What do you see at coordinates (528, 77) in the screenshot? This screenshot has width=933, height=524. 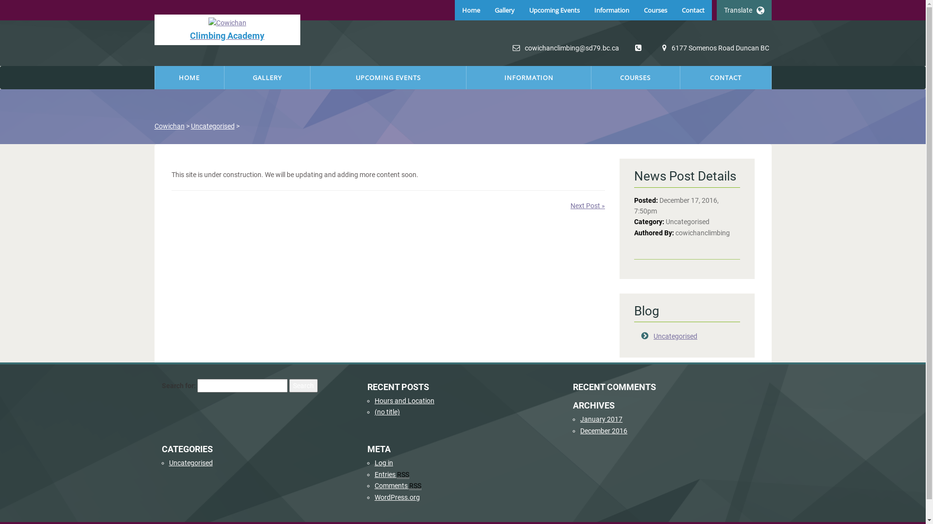 I see `'INFORMATION'` at bounding box center [528, 77].